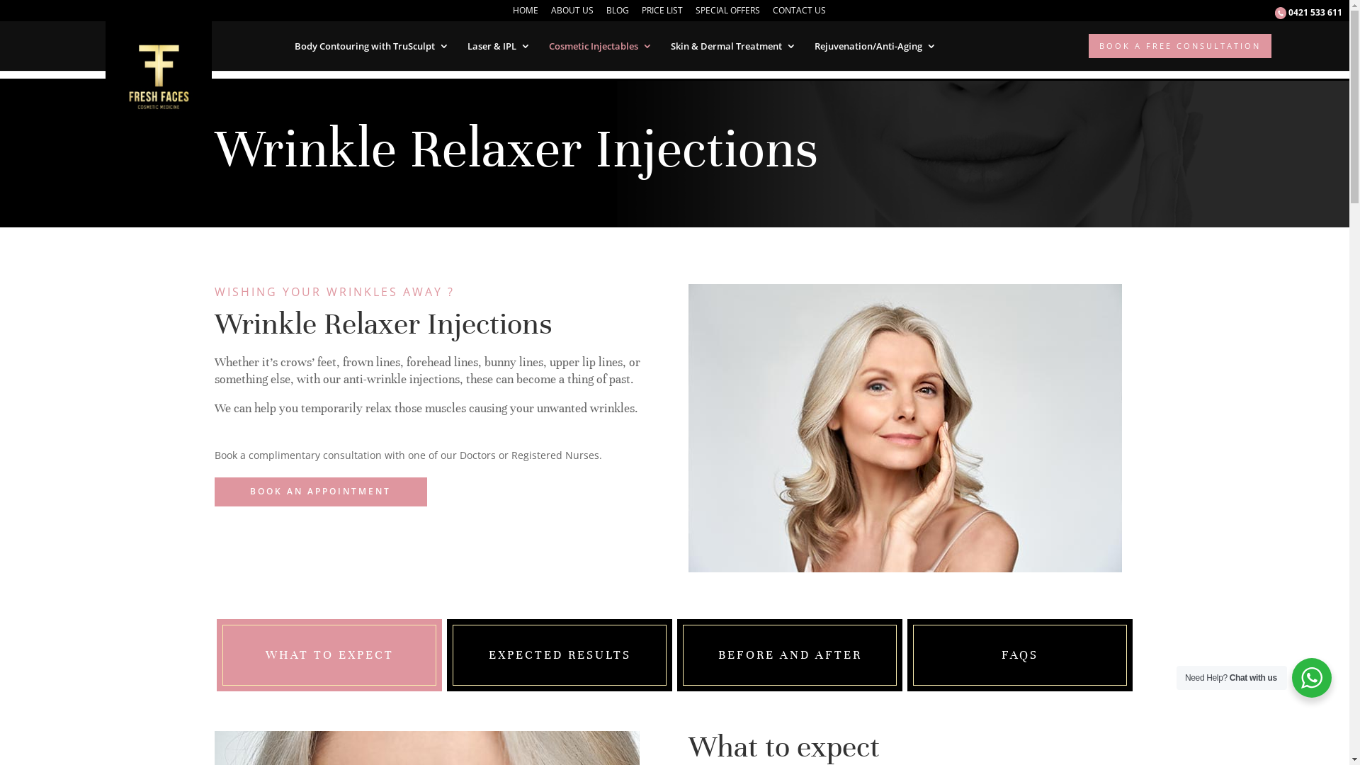  Describe the element at coordinates (1308, 16) in the screenshot. I see `'0421 533 611'` at that location.